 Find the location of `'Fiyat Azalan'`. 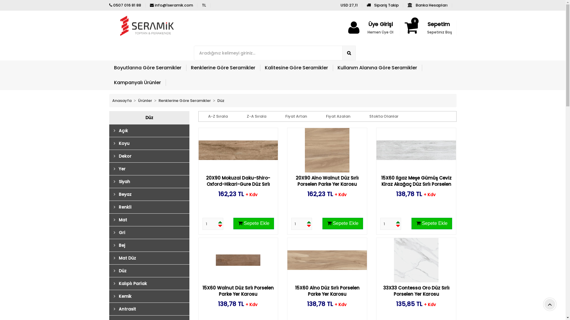

'Fiyat Azalan' is located at coordinates (338, 116).